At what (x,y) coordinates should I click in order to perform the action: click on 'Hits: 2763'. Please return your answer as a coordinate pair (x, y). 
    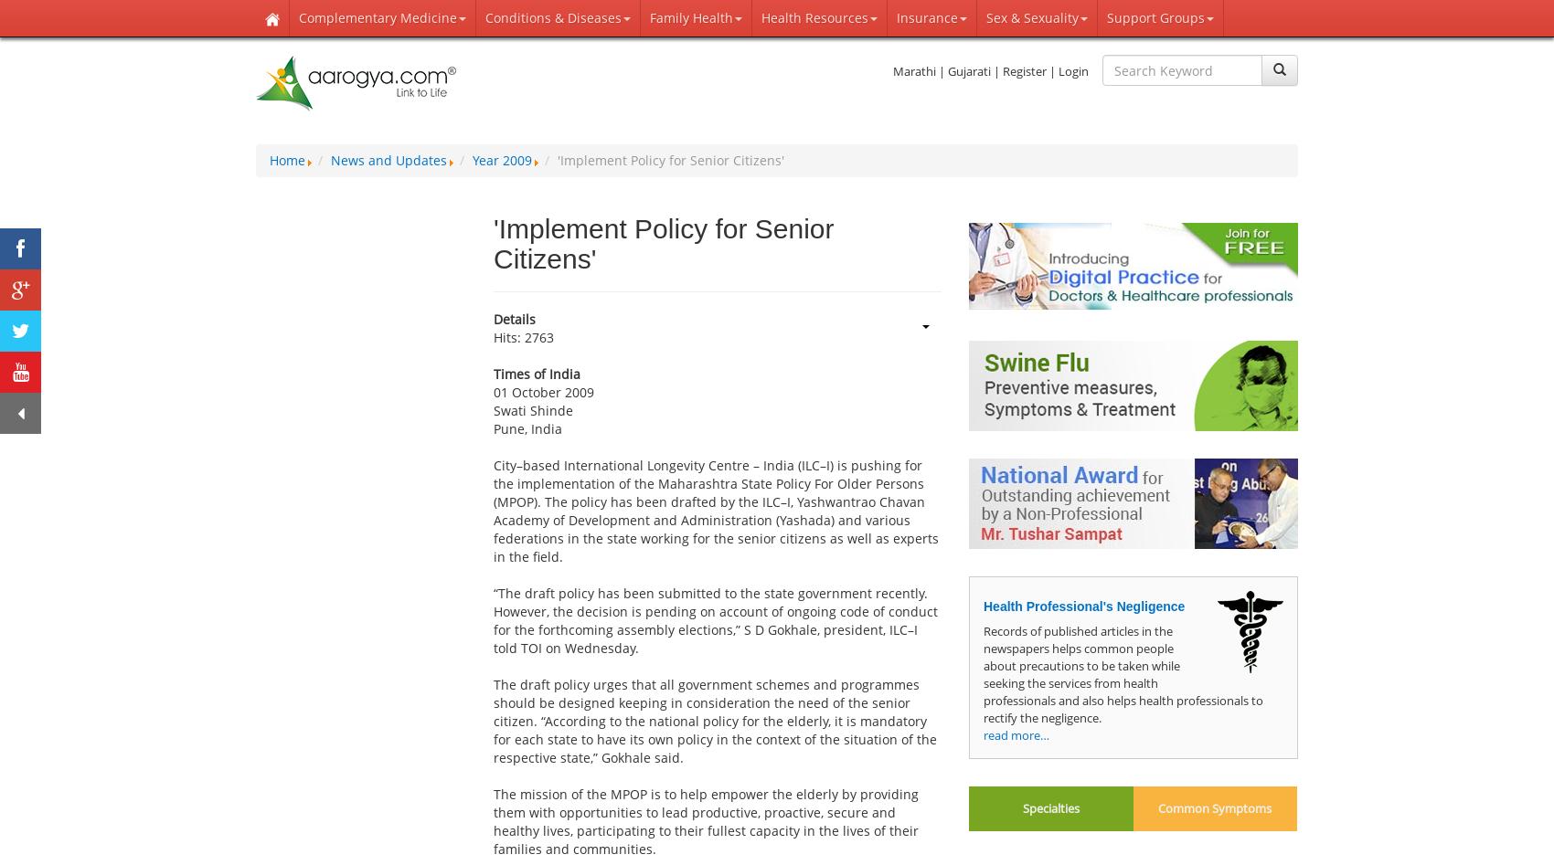
    Looking at the image, I should click on (492, 336).